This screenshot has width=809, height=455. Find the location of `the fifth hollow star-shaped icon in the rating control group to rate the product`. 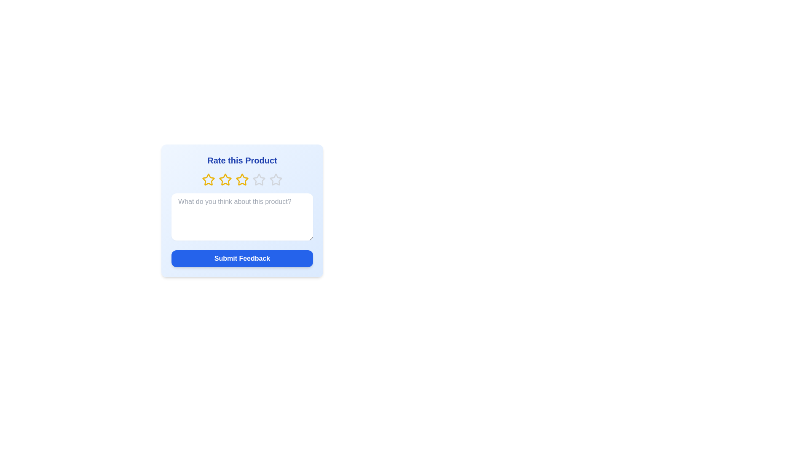

the fifth hollow star-shaped icon in the rating control group to rate the product is located at coordinates (275, 179).